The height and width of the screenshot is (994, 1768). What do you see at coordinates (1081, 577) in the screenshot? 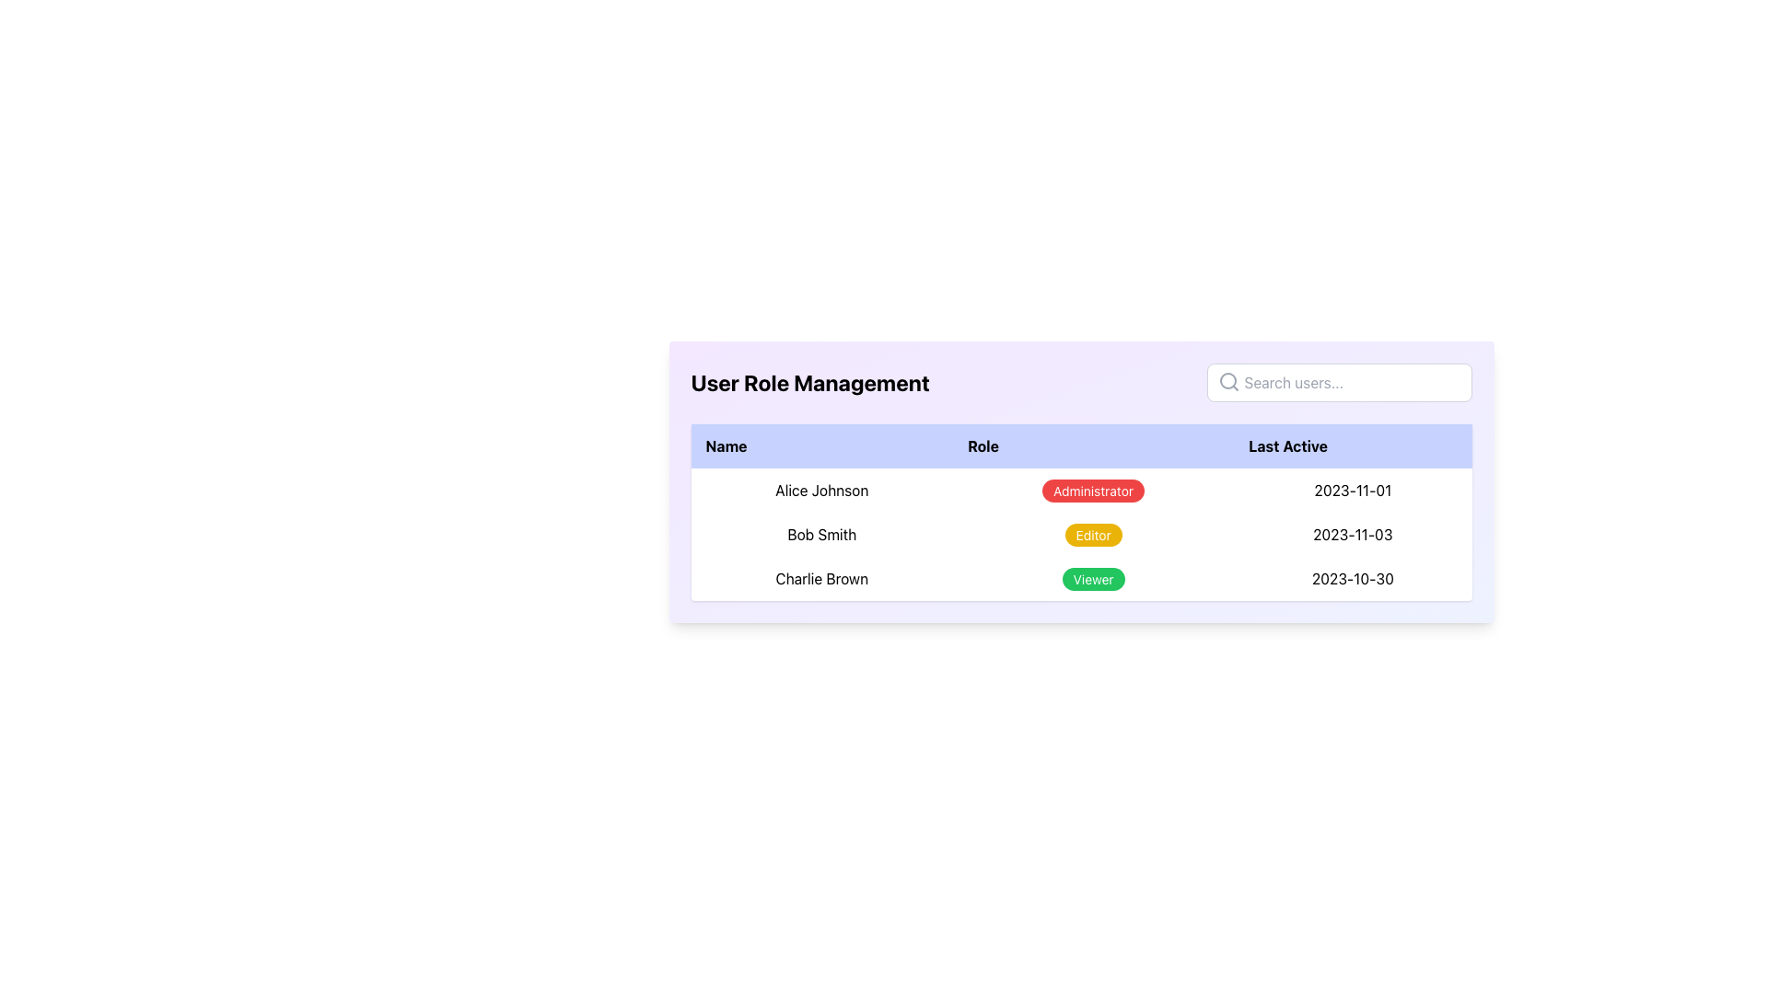
I see `the Static badge indicating the user role as 'Viewer', located in the third row of the table under the 'Role' column, between 'Charlie Brown' and '2023-10-30'` at bounding box center [1081, 577].